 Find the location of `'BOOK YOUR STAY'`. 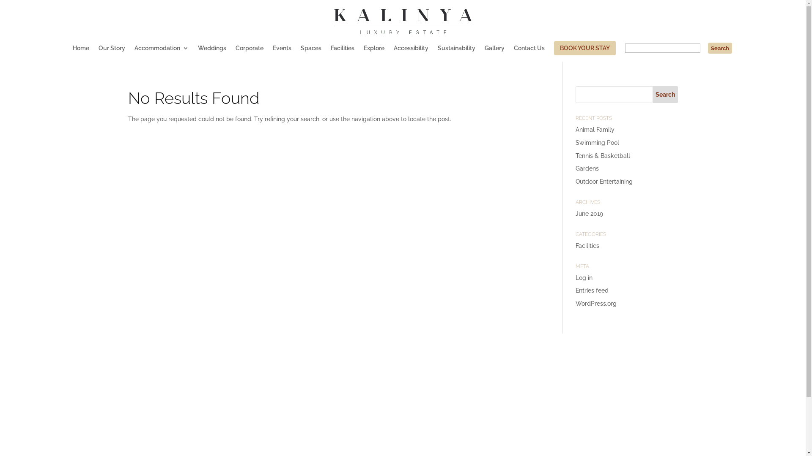

'BOOK YOUR STAY' is located at coordinates (584, 48).